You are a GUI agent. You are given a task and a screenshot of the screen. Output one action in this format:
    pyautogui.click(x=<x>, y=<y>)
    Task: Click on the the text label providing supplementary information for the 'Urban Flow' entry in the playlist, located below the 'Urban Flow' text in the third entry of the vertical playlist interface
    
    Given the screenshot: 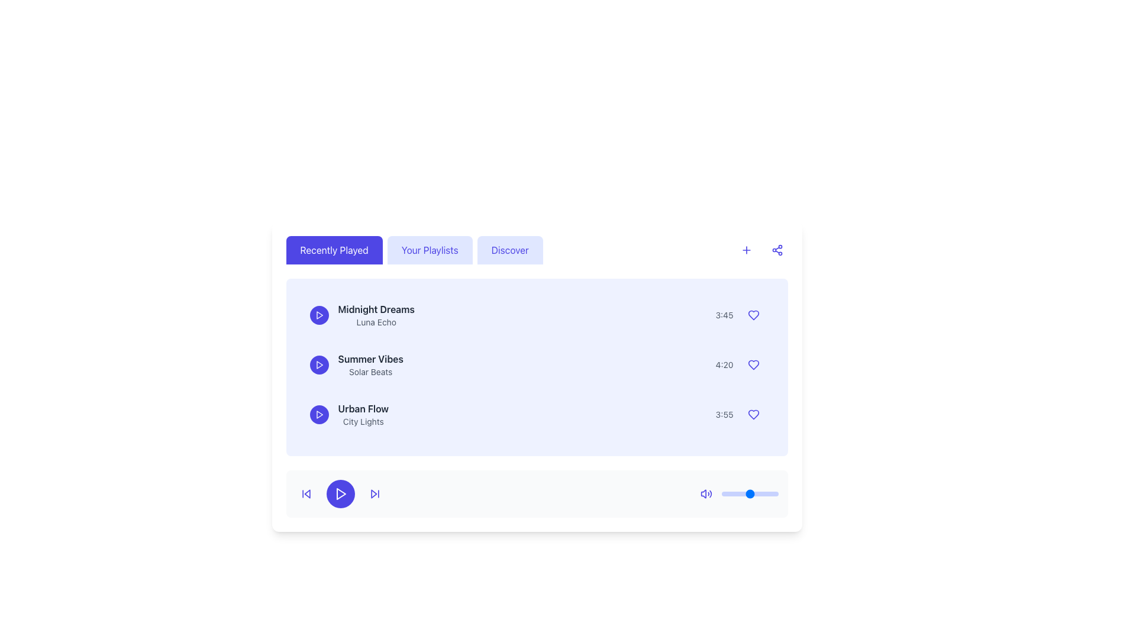 What is the action you would take?
    pyautogui.click(x=363, y=421)
    